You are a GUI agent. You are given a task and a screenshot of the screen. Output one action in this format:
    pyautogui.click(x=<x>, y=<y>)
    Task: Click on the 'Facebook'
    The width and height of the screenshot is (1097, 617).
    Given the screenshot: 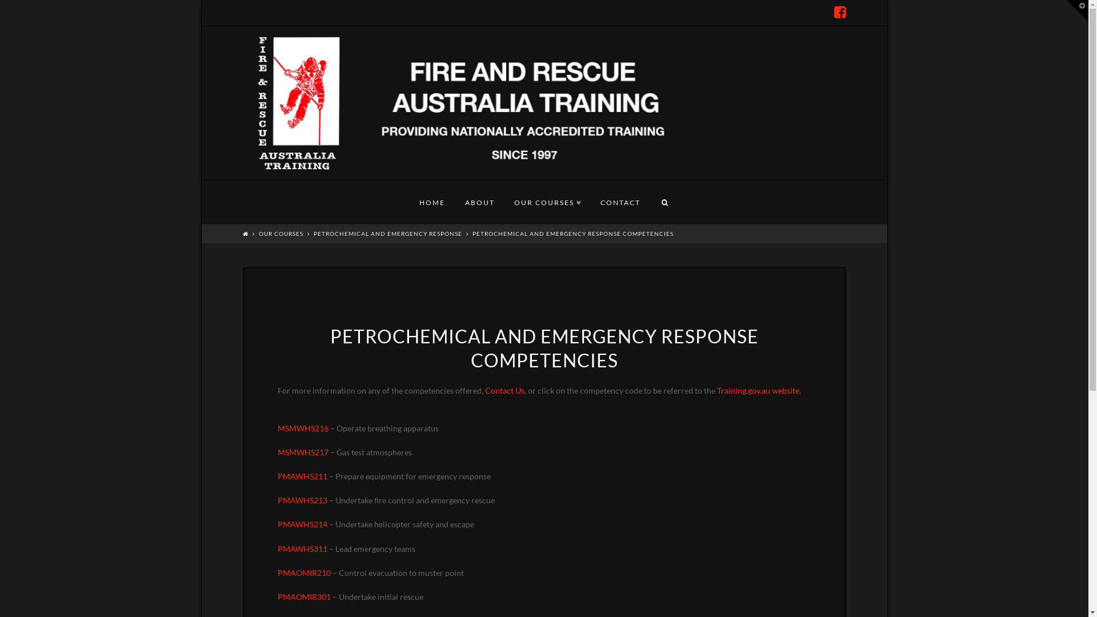 What is the action you would take?
    pyautogui.click(x=840, y=13)
    